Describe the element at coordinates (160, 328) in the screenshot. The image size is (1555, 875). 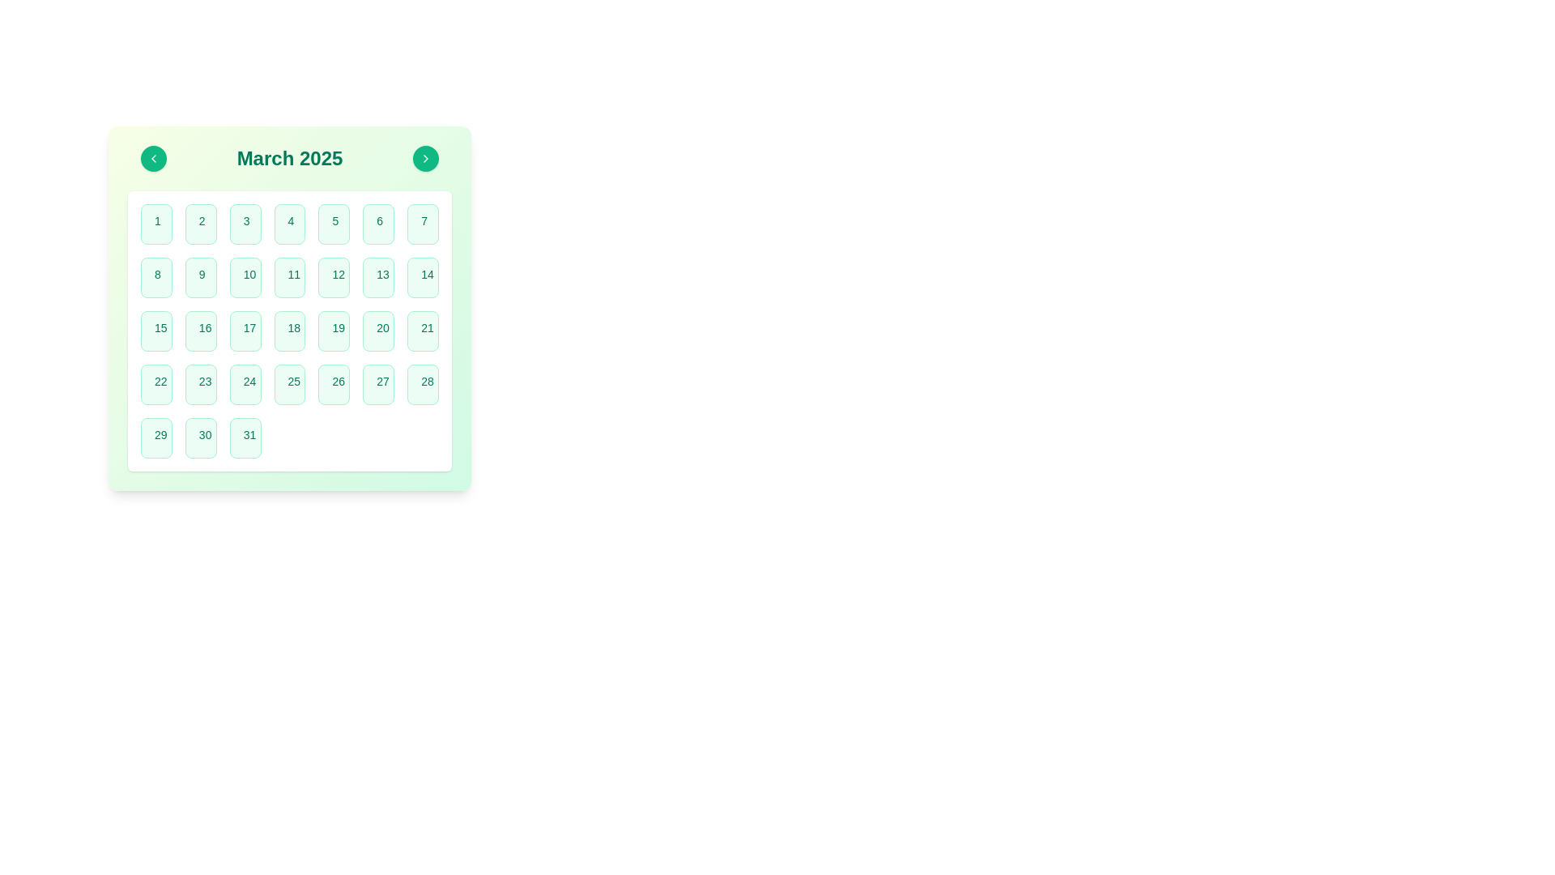
I see `the date displayed in the text label representing the 15th of the month, located in the lower-left part of the calendar grid in the third row and second column of the date cells` at that location.